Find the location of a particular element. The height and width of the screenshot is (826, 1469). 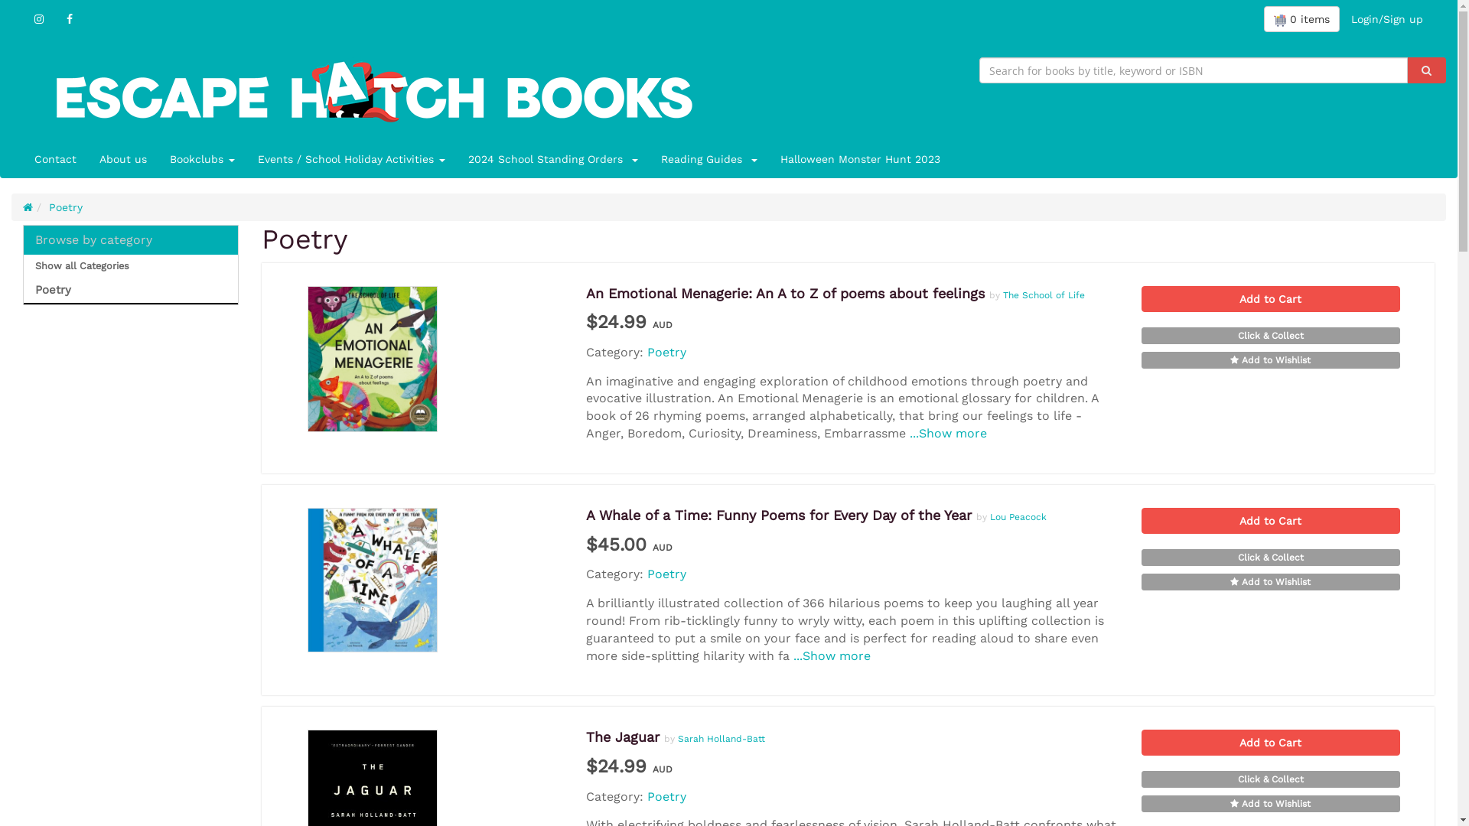

'Events / School Holiday Activities ' is located at coordinates (350, 159).